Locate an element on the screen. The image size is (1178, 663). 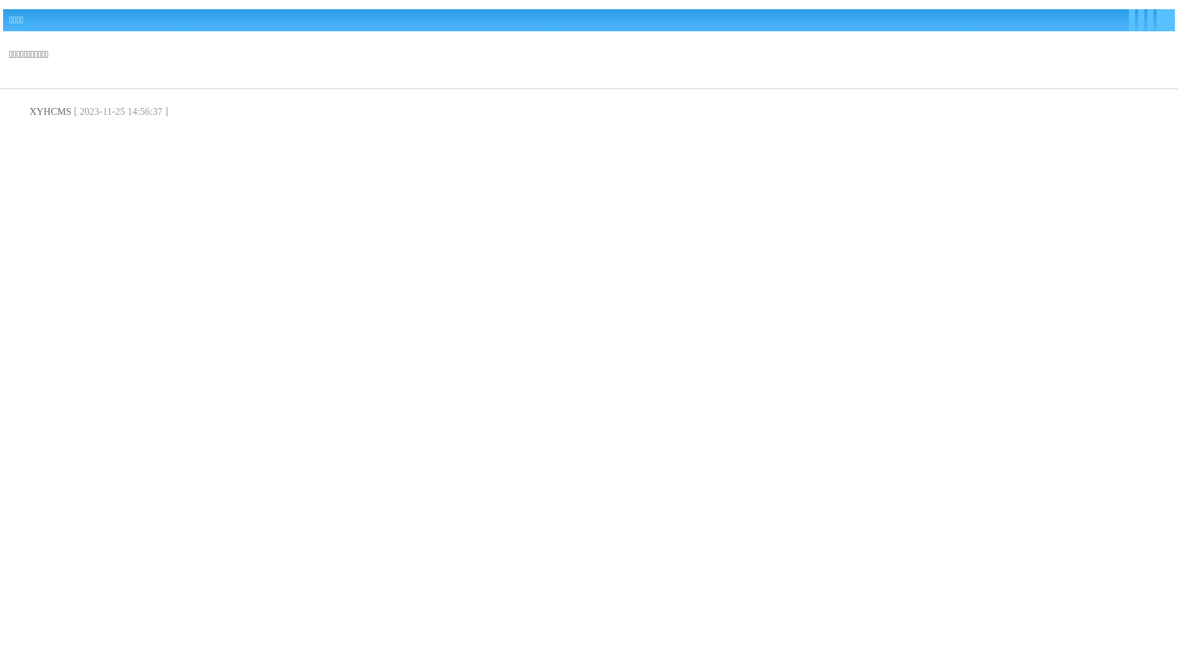
'XYHCMS' is located at coordinates (29, 111).